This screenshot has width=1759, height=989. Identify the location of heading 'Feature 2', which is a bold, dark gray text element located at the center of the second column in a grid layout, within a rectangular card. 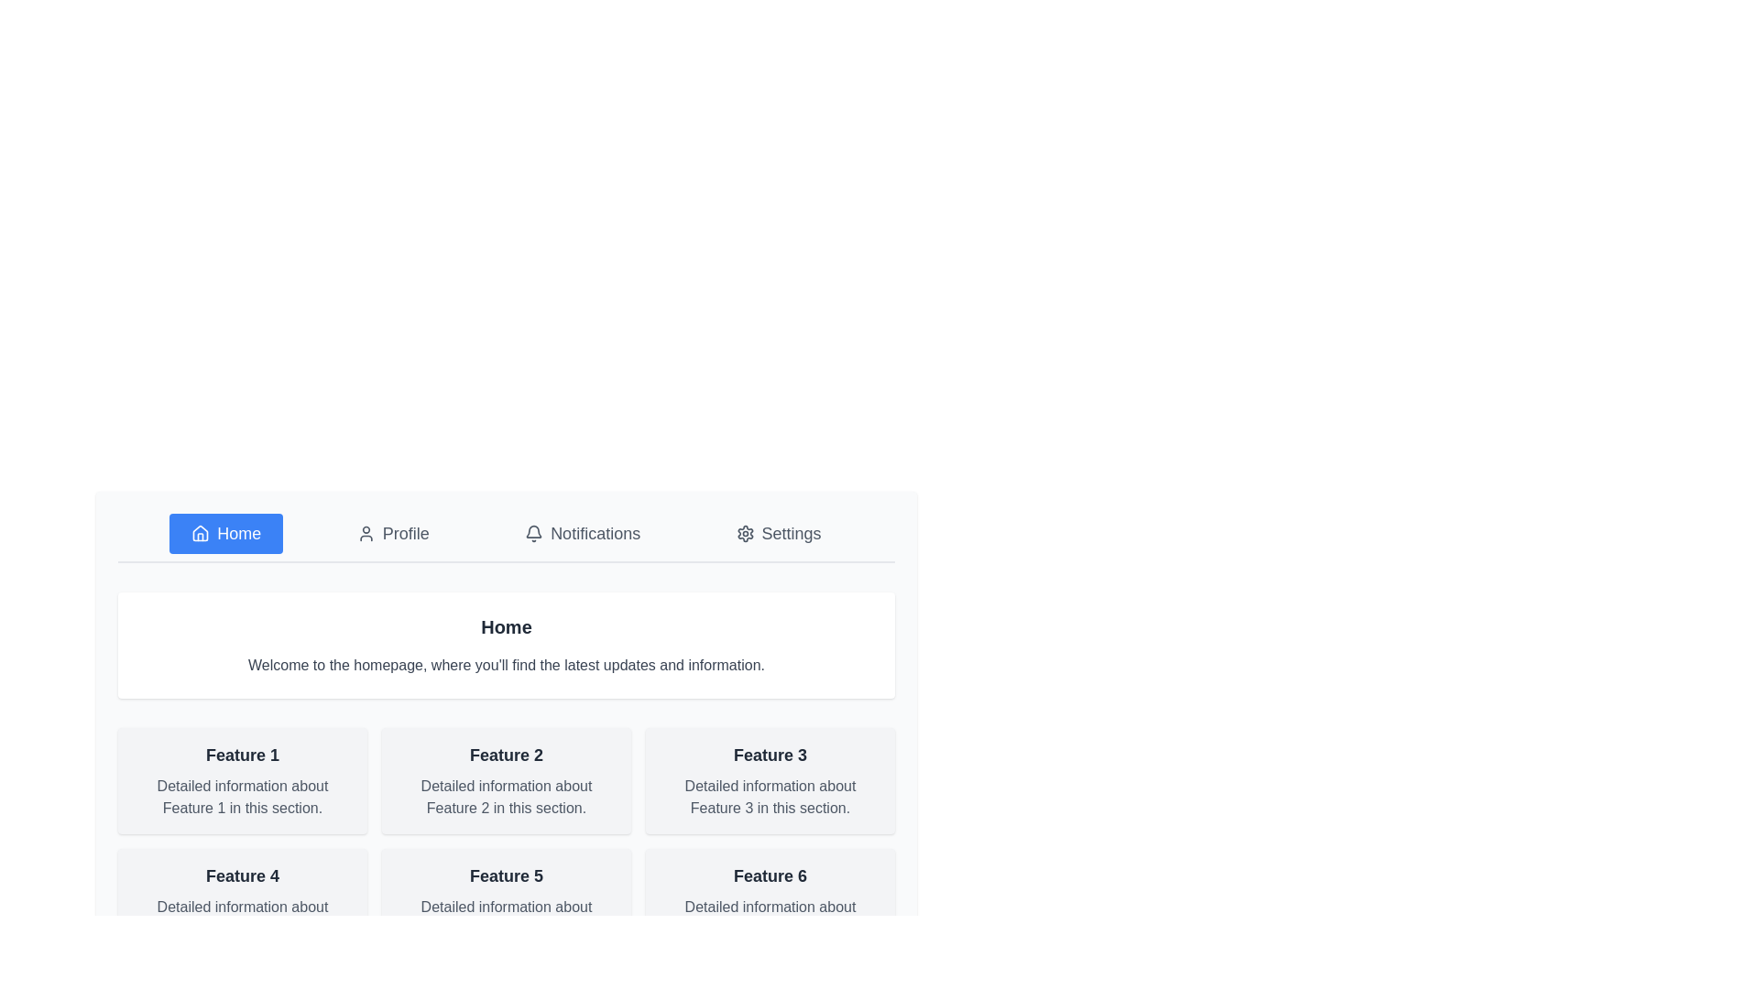
(506, 755).